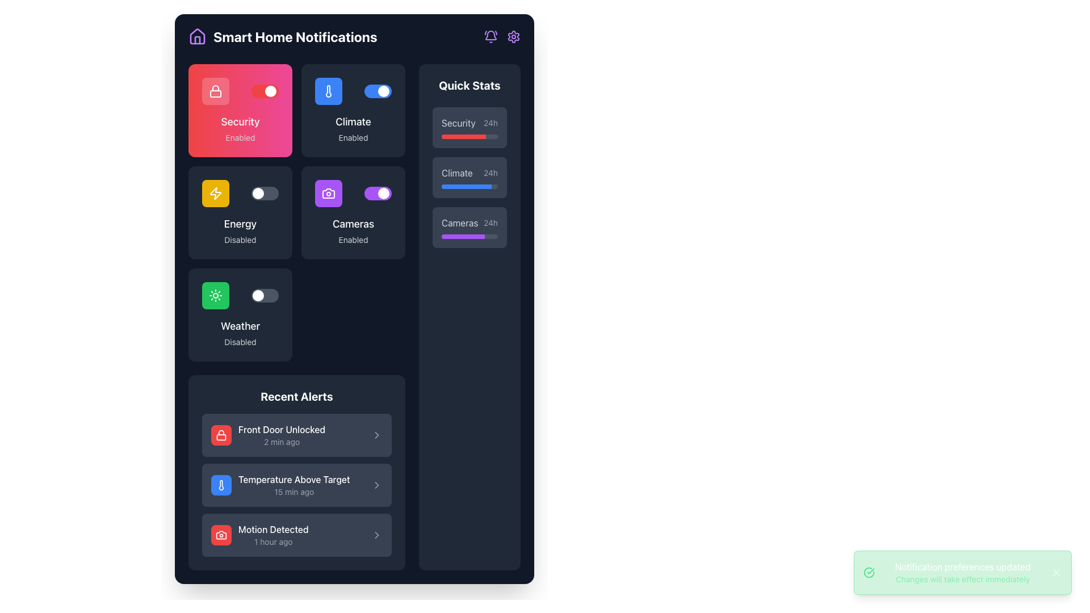 The image size is (1090, 613). What do you see at coordinates (384, 91) in the screenshot?
I see `the rightmost circular toggle of the light blue rectangular switch in the 'Security' section, which indicates an active state` at bounding box center [384, 91].